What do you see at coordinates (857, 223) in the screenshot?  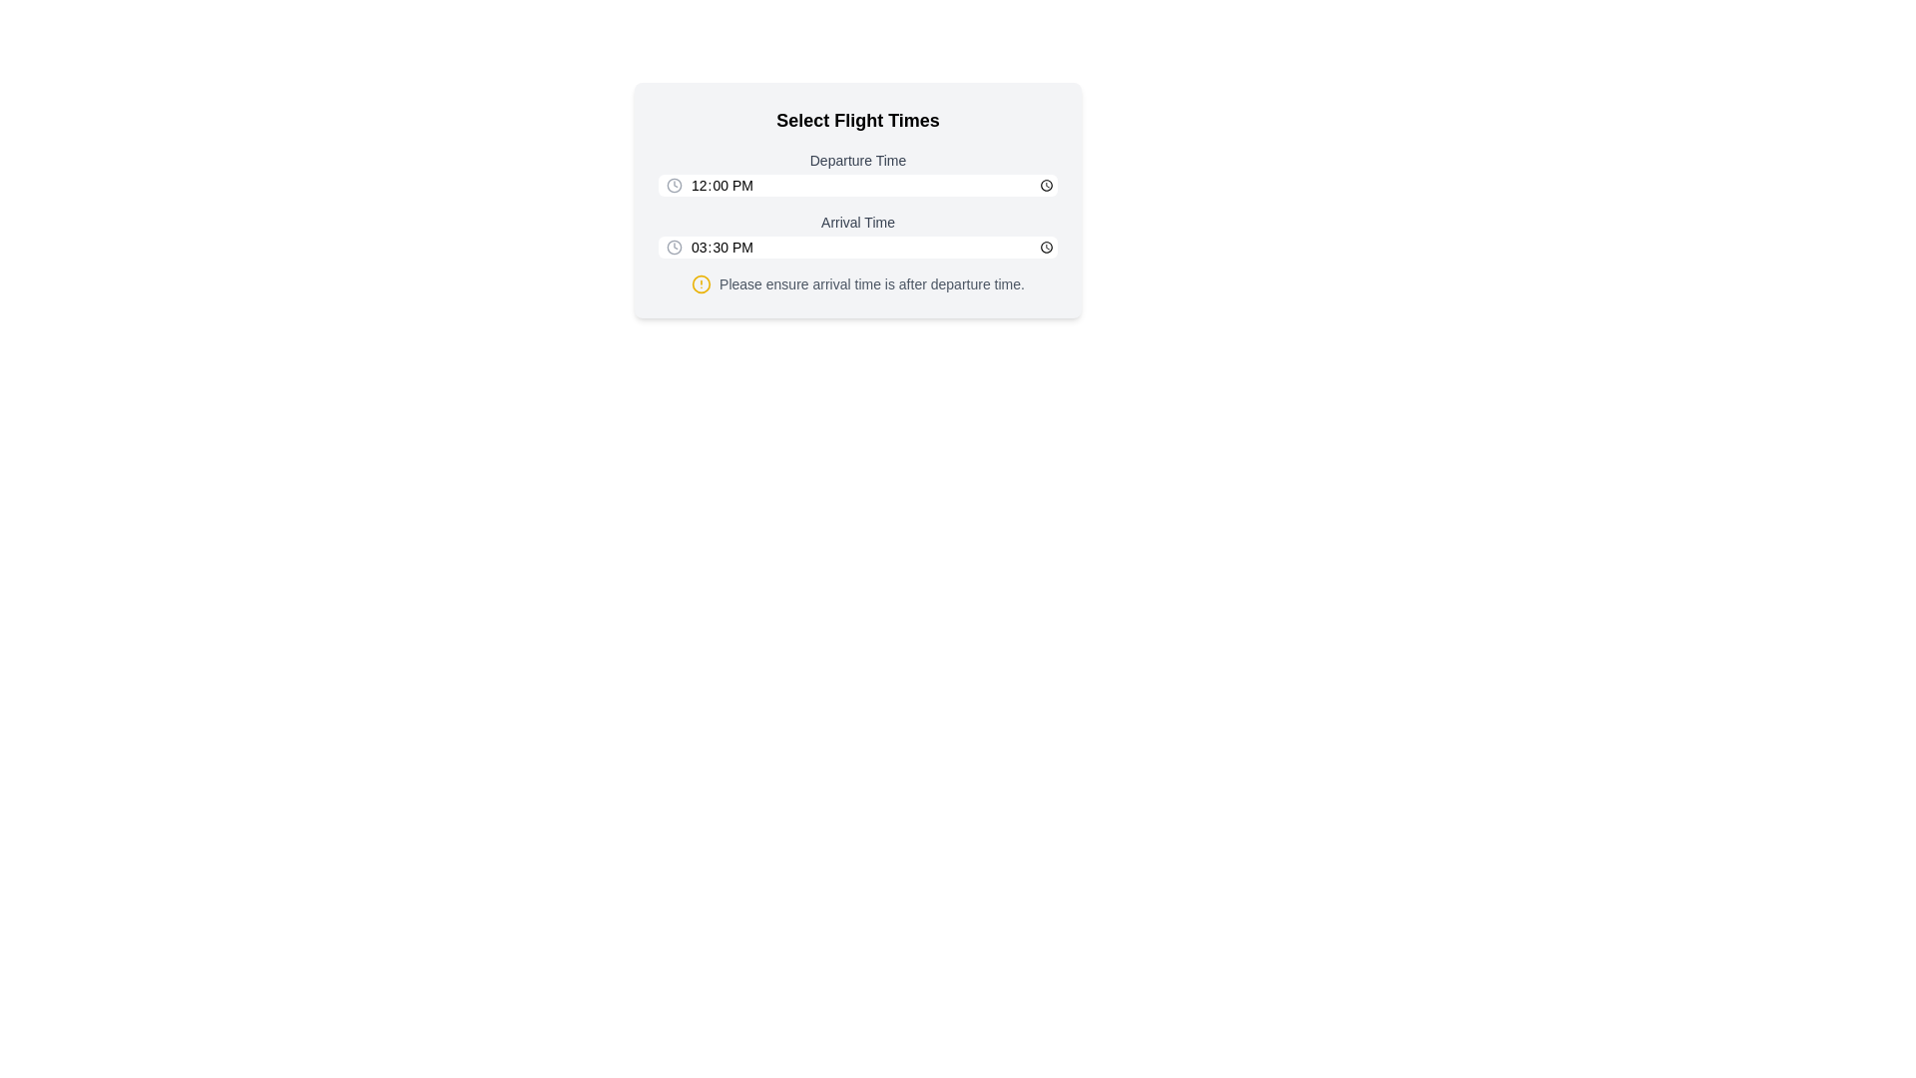 I see `the 'Arrival Time' label, which is a textual label in dark gray color, located below the 'Departure Time' label and above the clock icon and input field` at bounding box center [857, 223].